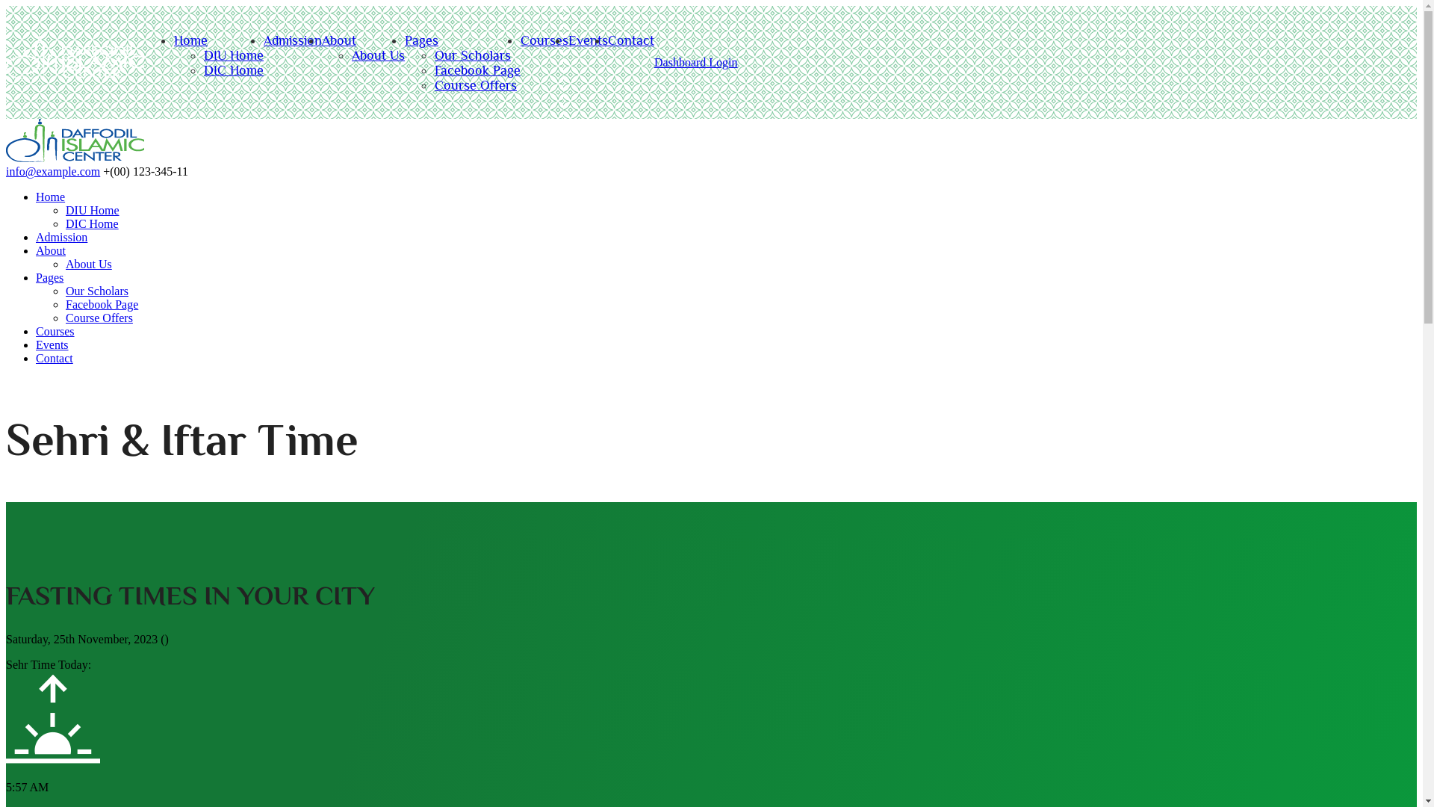 The height and width of the screenshot is (807, 1434). Describe the element at coordinates (475, 85) in the screenshot. I see `'Course Offers'` at that location.